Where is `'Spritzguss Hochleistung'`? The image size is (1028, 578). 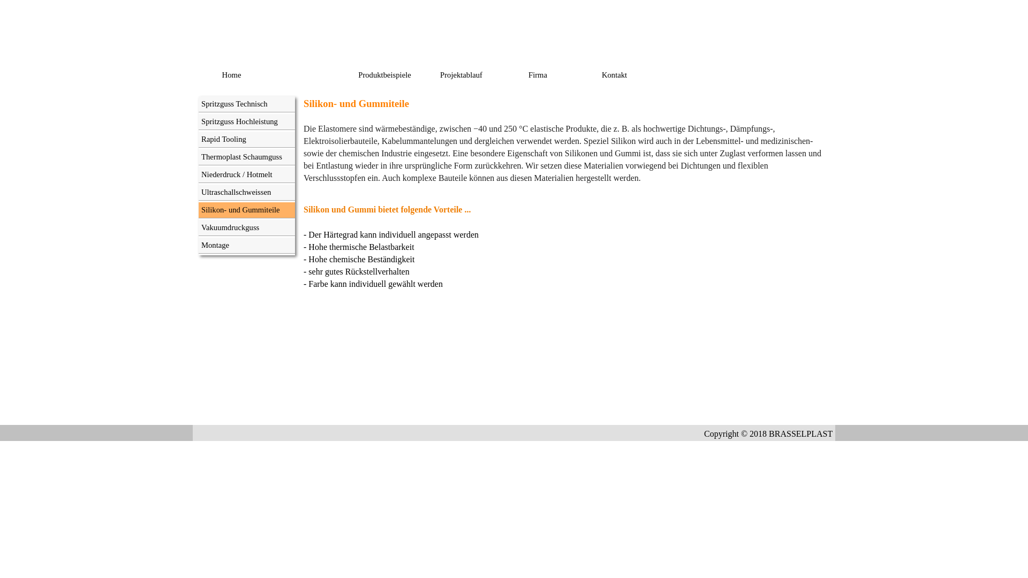
'Spritzguss Hochleistung' is located at coordinates (246, 121).